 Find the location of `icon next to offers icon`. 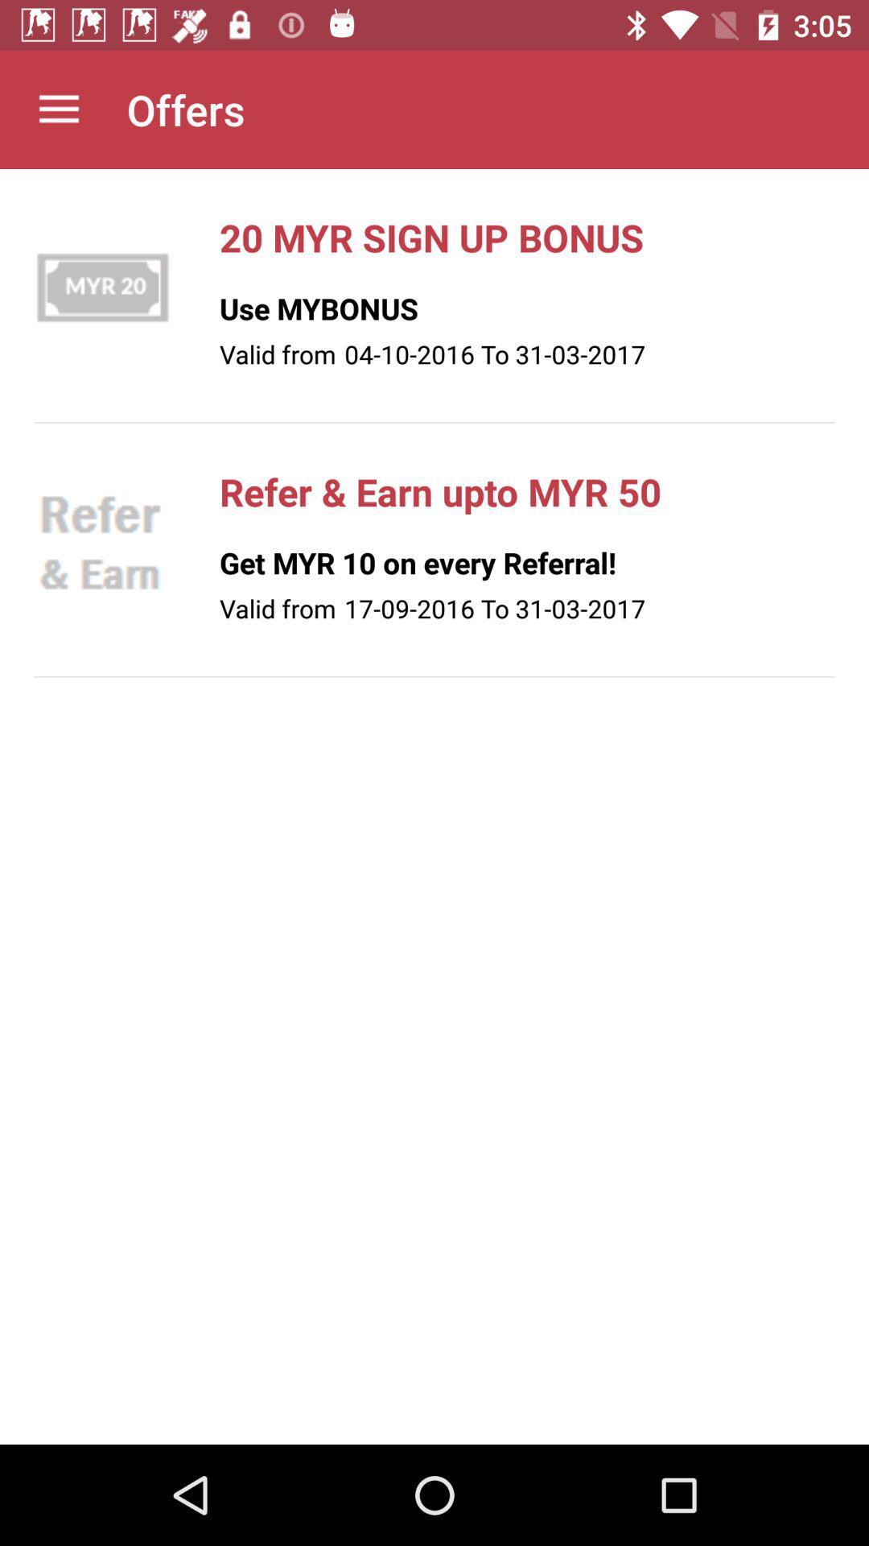

icon next to offers icon is located at coordinates (58, 109).